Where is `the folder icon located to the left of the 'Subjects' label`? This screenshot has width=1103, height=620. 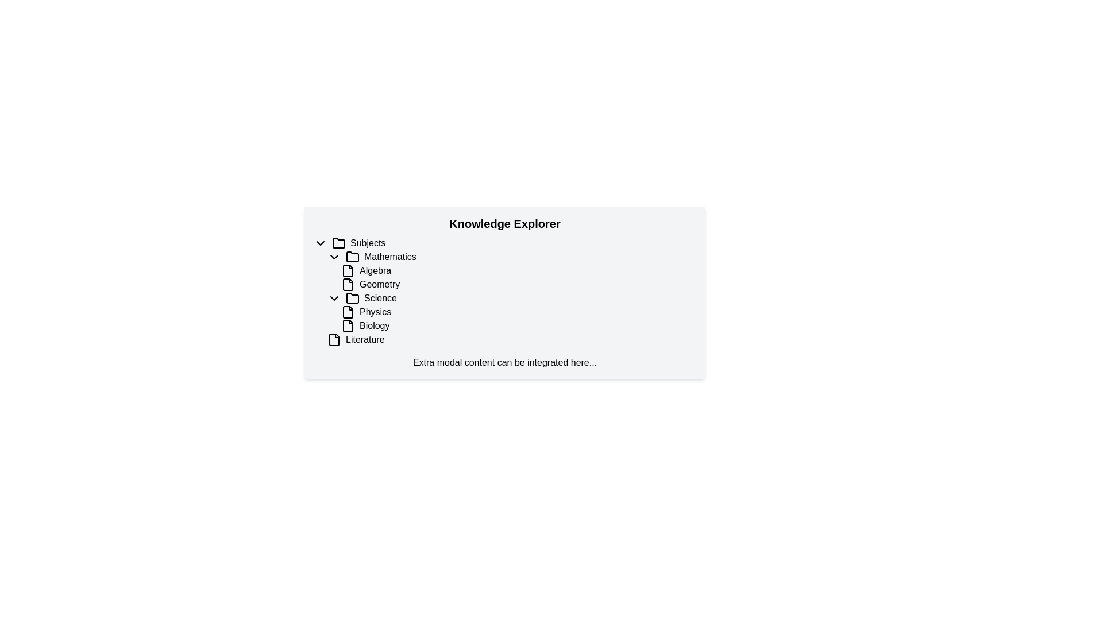
the folder icon located to the left of the 'Subjects' label is located at coordinates (338, 243).